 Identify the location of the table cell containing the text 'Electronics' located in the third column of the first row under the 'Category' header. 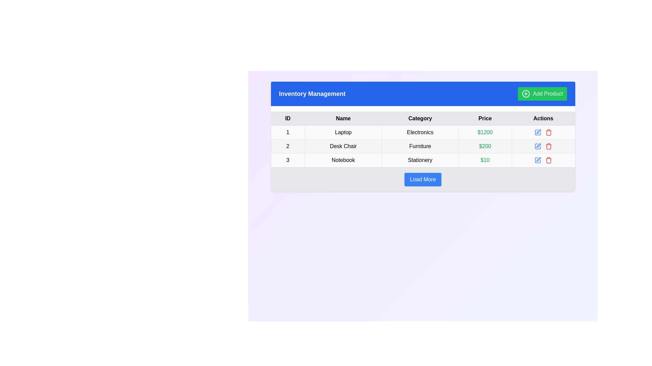
(420, 132).